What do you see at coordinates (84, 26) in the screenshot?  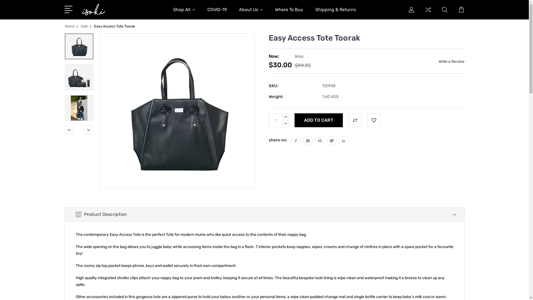 I see `'Sale'` at bounding box center [84, 26].